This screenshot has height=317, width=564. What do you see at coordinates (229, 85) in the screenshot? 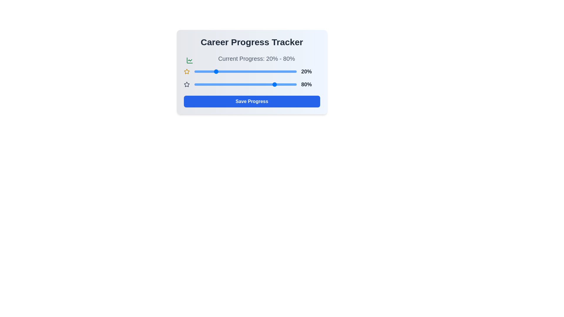
I see `the second progress slider to 34%` at bounding box center [229, 85].